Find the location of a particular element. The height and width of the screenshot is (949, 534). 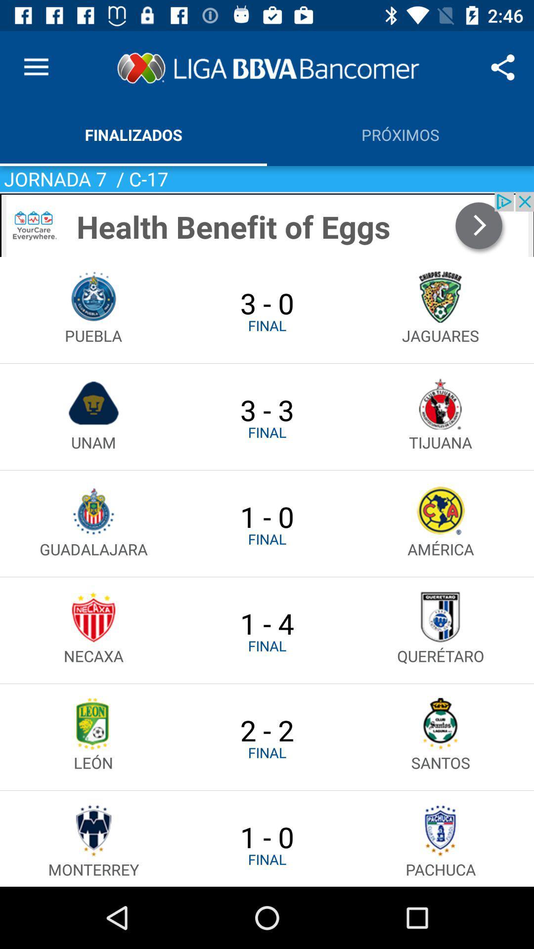

advertisement area is located at coordinates (267, 224).